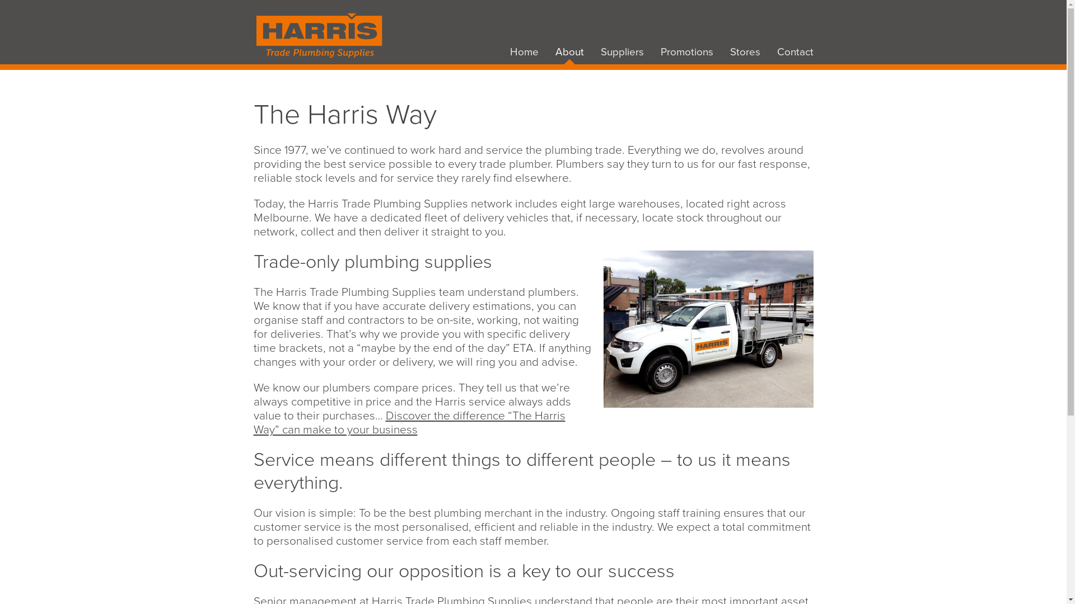  I want to click on 'Stores', so click(745, 51).